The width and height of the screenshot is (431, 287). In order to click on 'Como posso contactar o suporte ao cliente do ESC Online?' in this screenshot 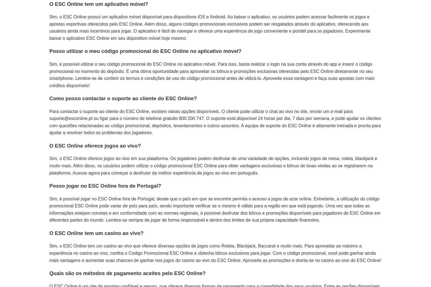, I will do `click(49, 98)`.